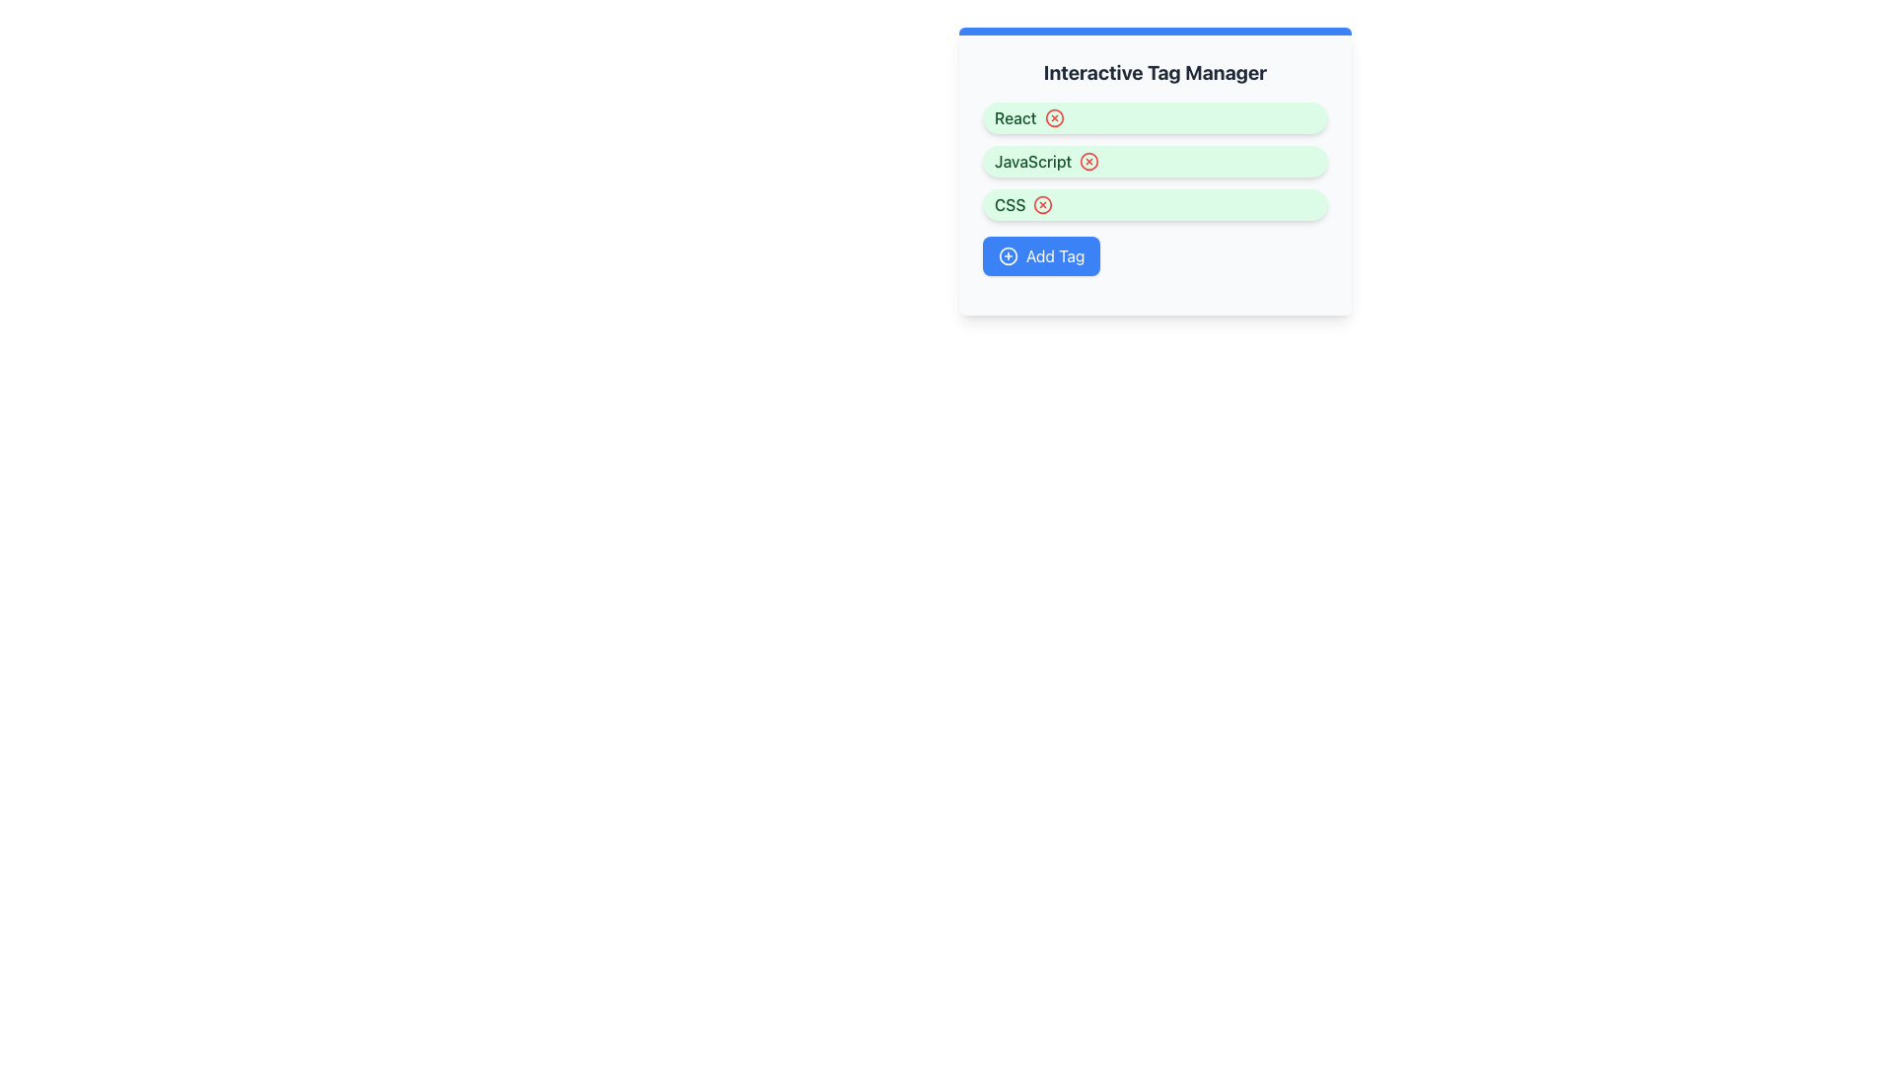  What do you see at coordinates (1042, 205) in the screenshot?
I see `the red circular button with an 'X' icon located within the green 'CSS' tag` at bounding box center [1042, 205].